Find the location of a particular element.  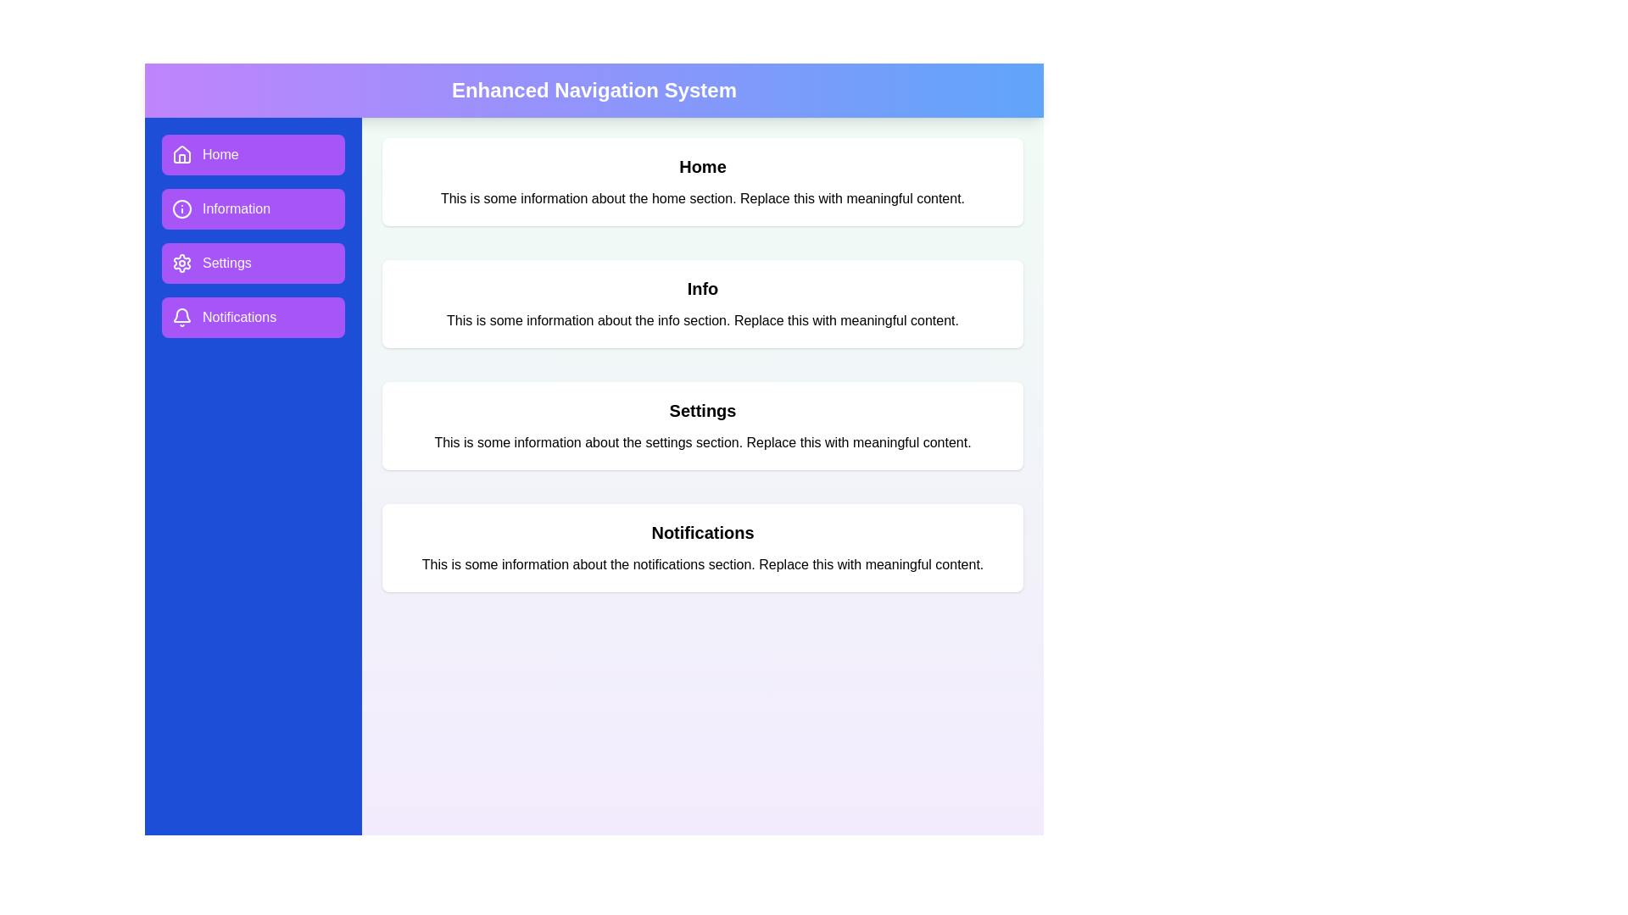

the bell icon representing notifications, which is located on the left navigation bar next to the 'Notifications' label is located at coordinates (182, 317).